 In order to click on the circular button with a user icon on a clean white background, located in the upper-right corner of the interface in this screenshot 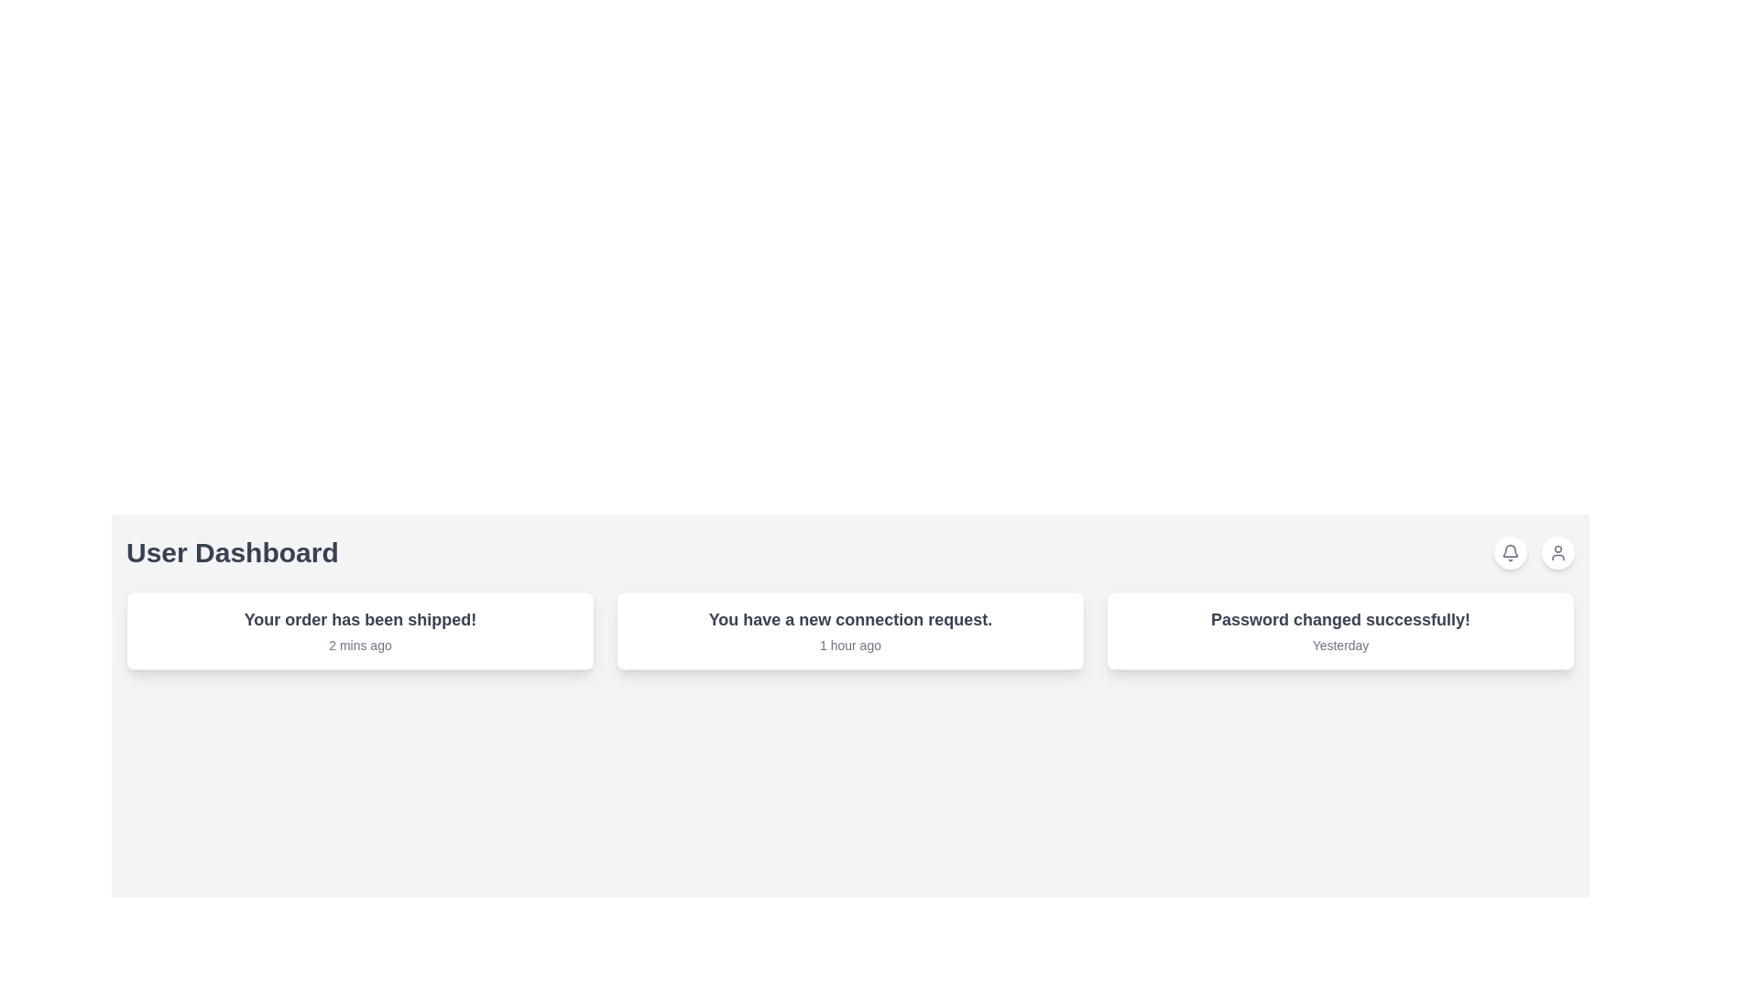, I will do `click(1557, 552)`.